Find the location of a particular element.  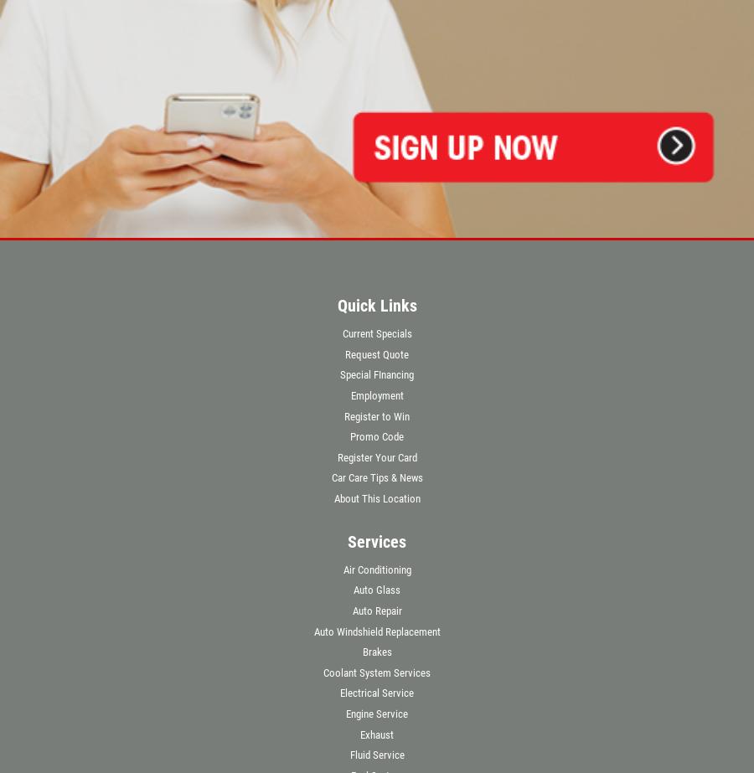

'Employment' is located at coordinates (376, 394).